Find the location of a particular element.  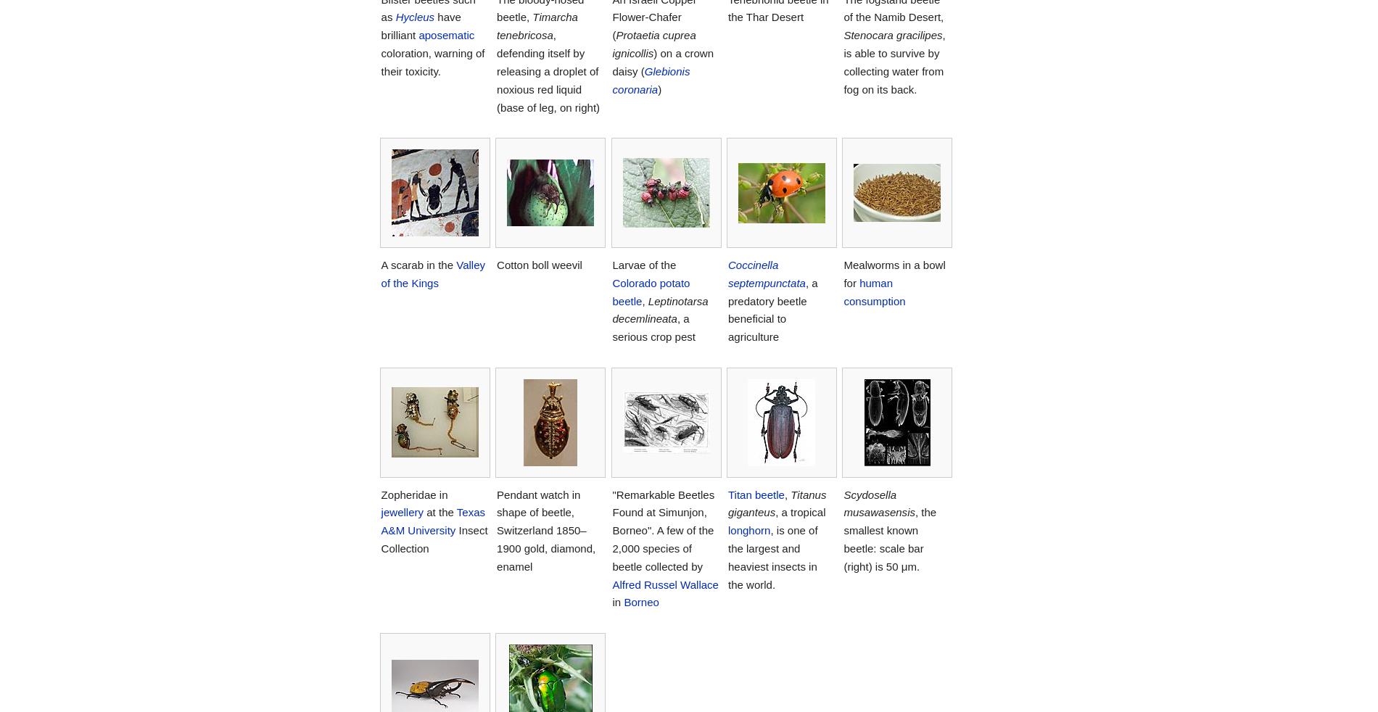

'Texas A&M University' is located at coordinates (432, 521).